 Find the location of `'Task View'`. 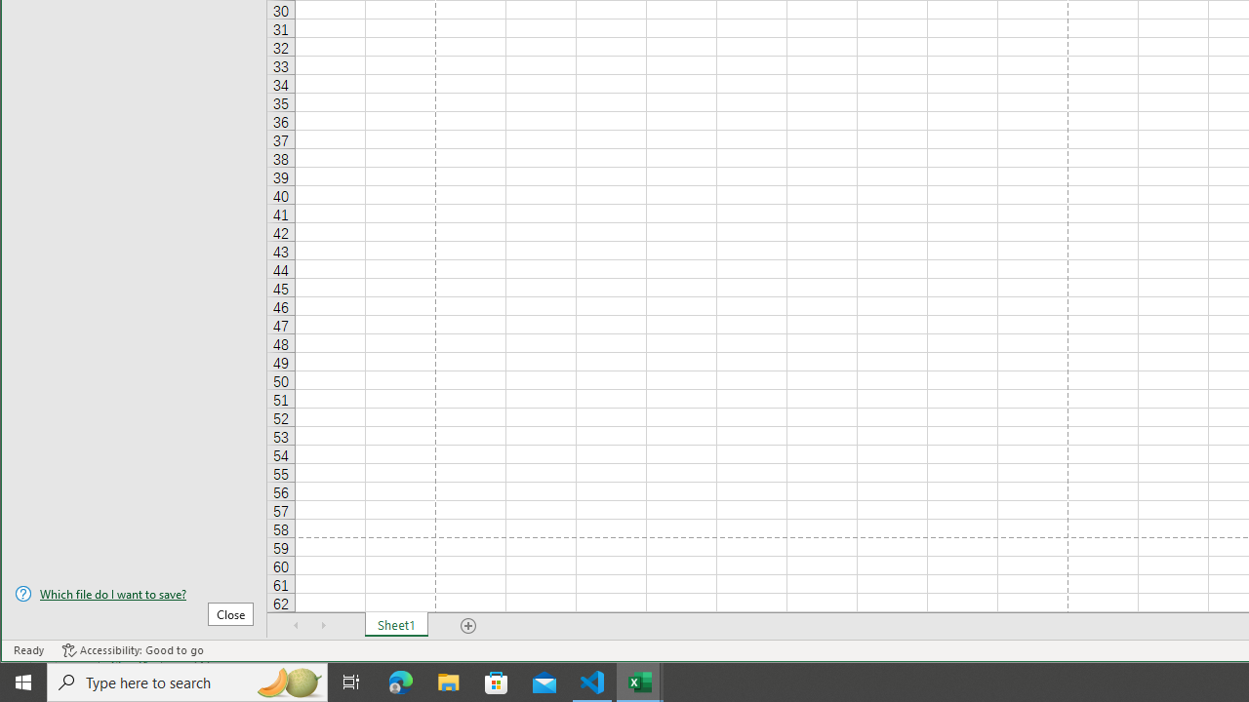

'Task View' is located at coordinates (350, 681).